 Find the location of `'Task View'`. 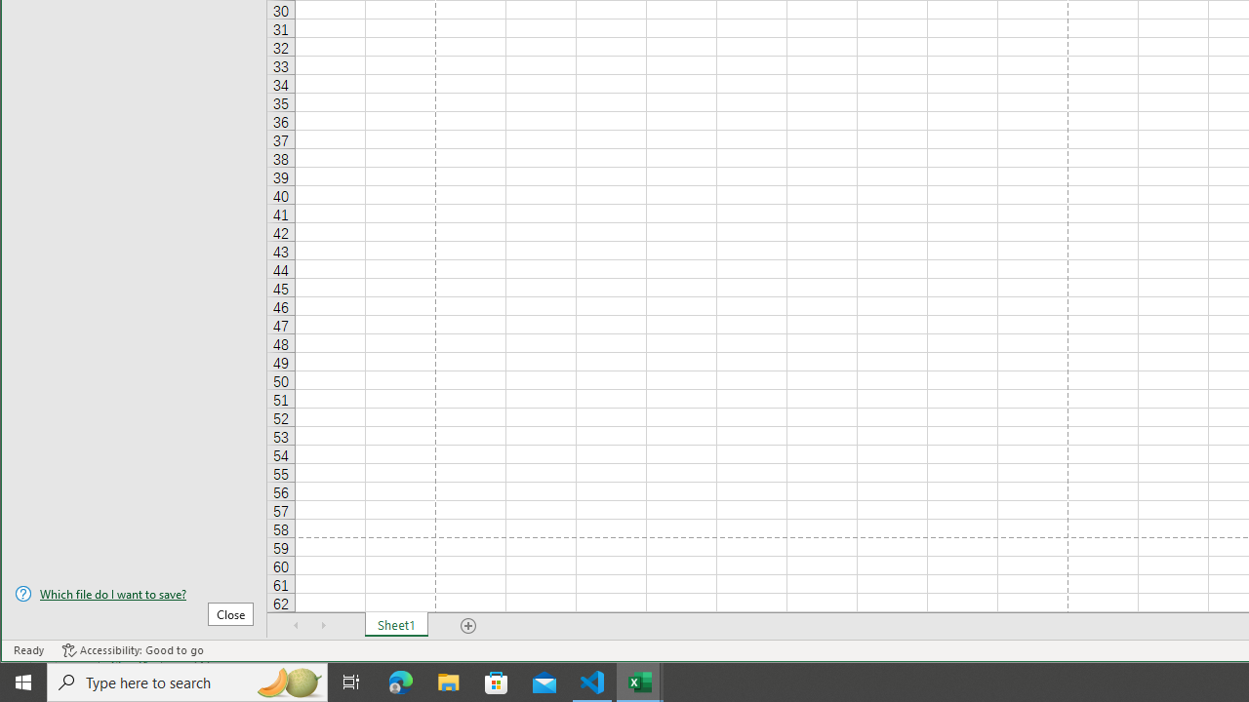

'Task View' is located at coordinates (350, 681).